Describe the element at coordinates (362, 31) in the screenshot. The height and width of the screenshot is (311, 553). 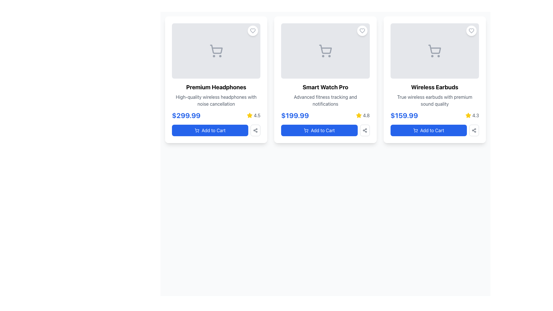
I see `the outlined heart-shaped icon button in the top-right corner of the 'Smart Watch Pro' card` at that location.